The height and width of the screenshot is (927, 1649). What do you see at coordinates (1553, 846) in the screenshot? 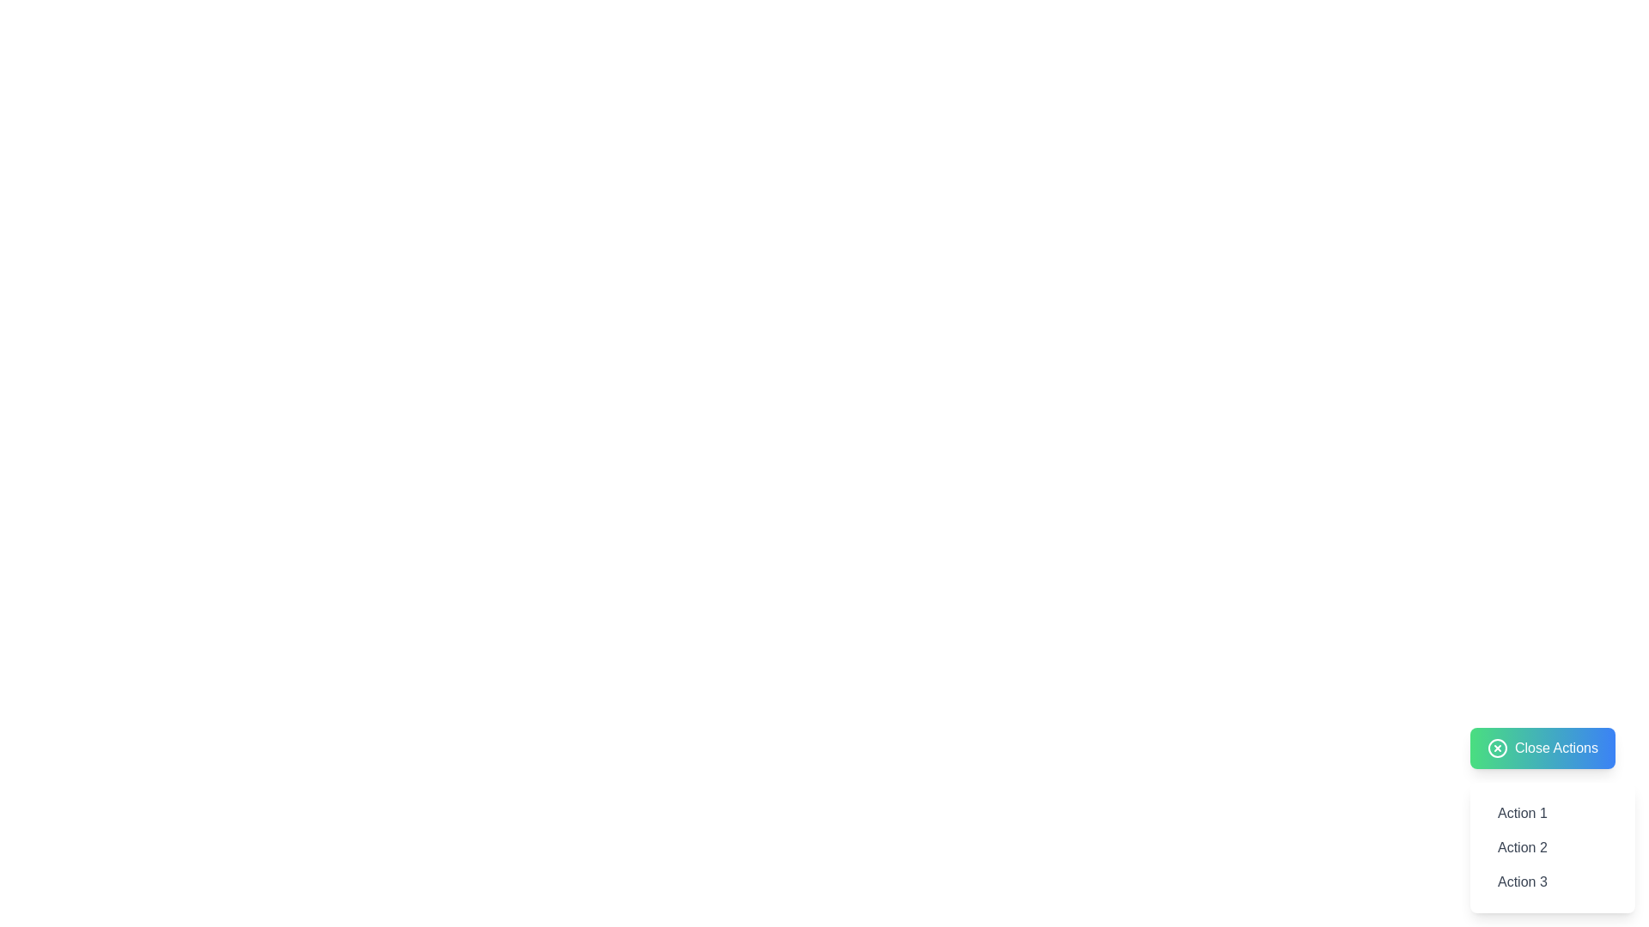
I see `the interactive button labeled 'Action 2', which is the second option in a vertical list of three buttons` at bounding box center [1553, 846].